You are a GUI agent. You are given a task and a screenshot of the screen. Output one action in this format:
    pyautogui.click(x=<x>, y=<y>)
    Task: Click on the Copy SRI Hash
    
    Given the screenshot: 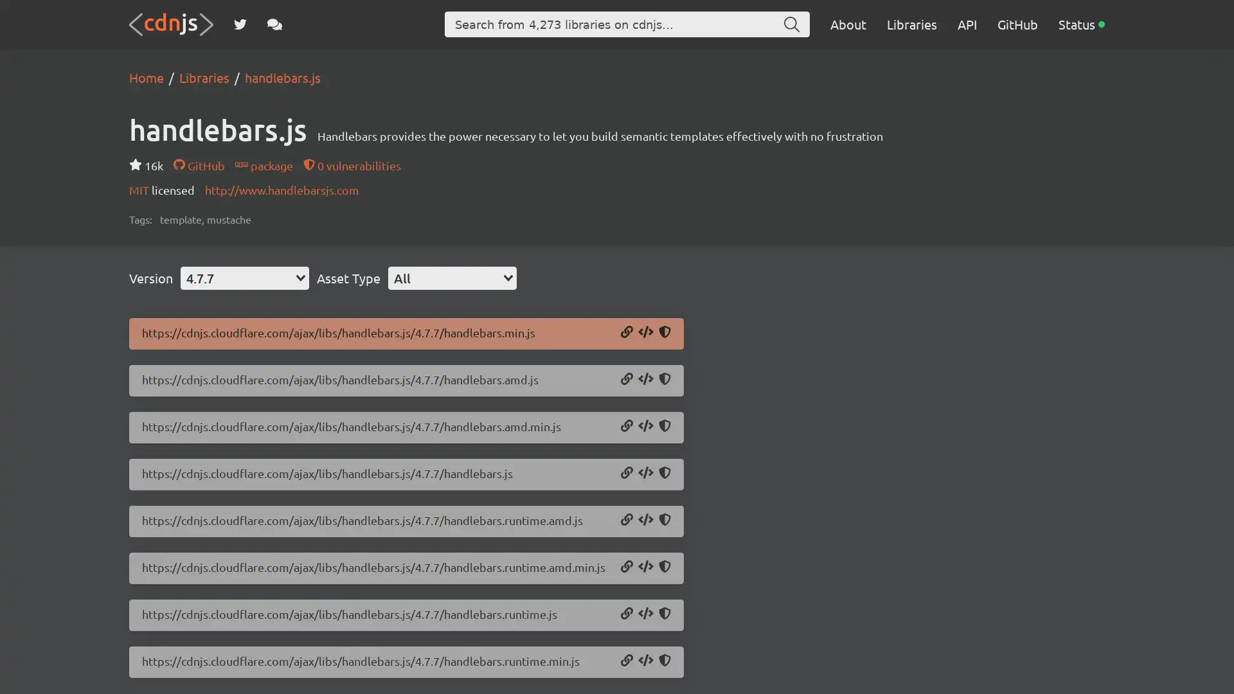 What is the action you would take?
    pyautogui.click(x=665, y=379)
    